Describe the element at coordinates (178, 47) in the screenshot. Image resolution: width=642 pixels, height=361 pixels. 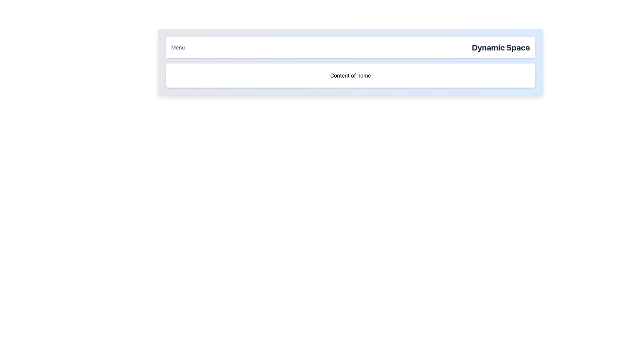
I see `the navigational link or interactive text located on the left side of the header-like bar` at that location.